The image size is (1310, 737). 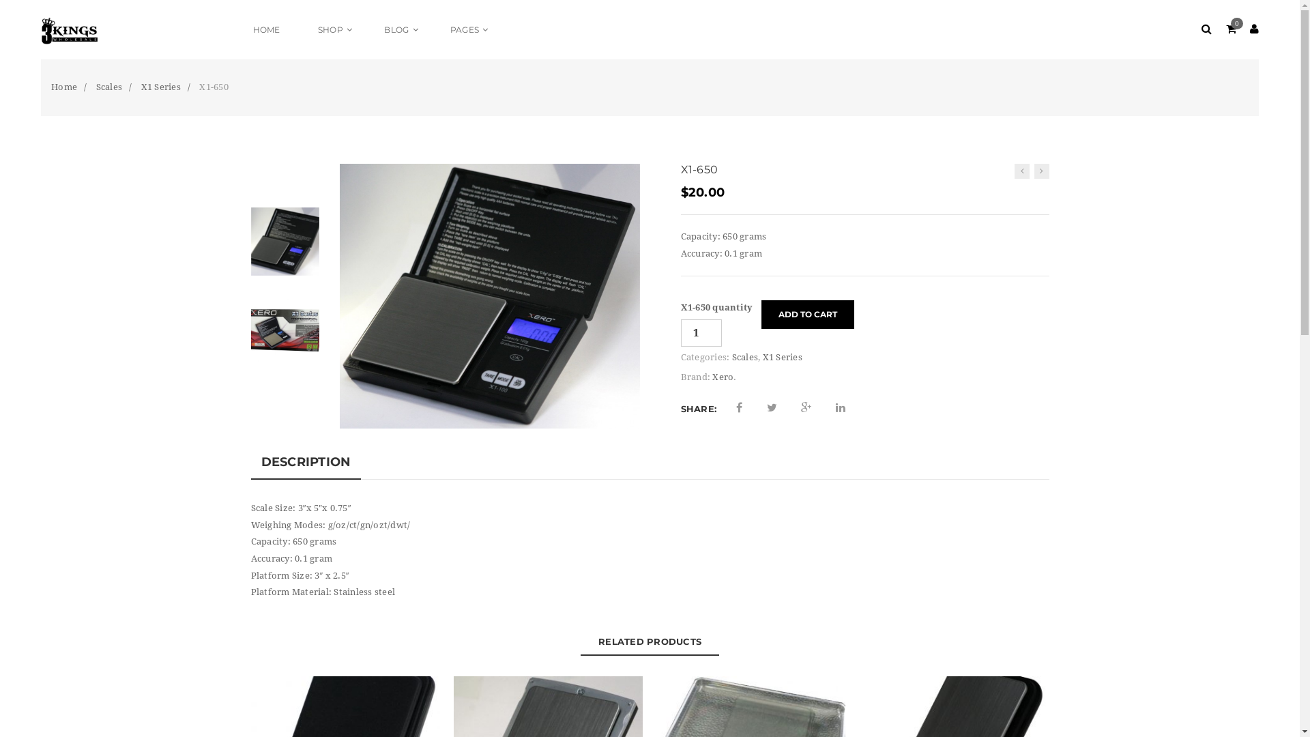 What do you see at coordinates (806, 407) in the screenshot?
I see `'Share on Google +'` at bounding box center [806, 407].